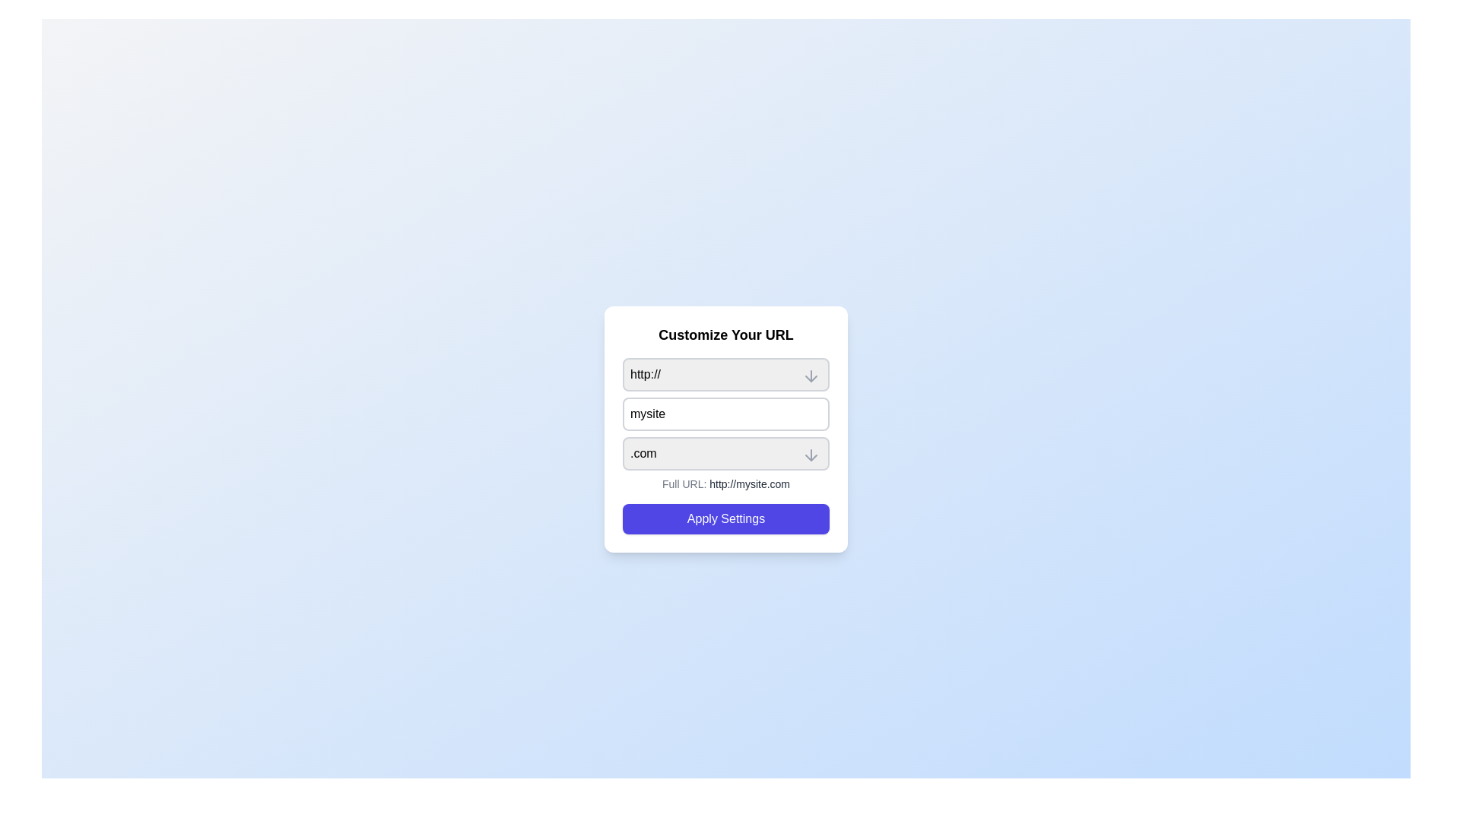  What do you see at coordinates (725, 483) in the screenshot?
I see `the static informational text displaying 'Full URL: http://mysite.com' located beneath the domain selection component in the modal` at bounding box center [725, 483].